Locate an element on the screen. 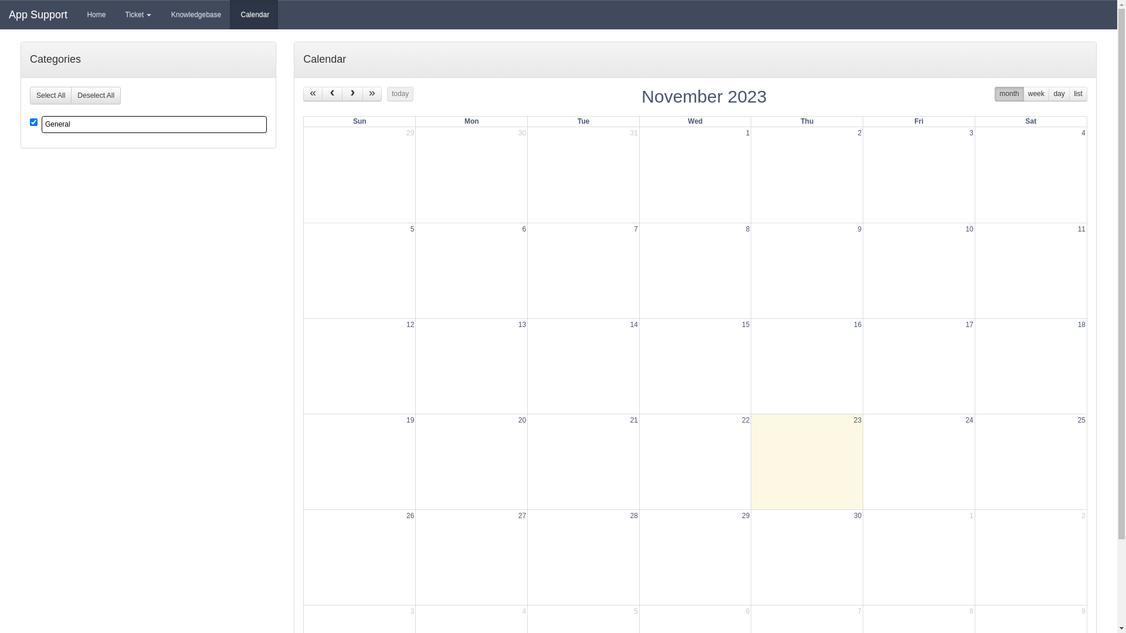  'today' is located at coordinates (400, 93).